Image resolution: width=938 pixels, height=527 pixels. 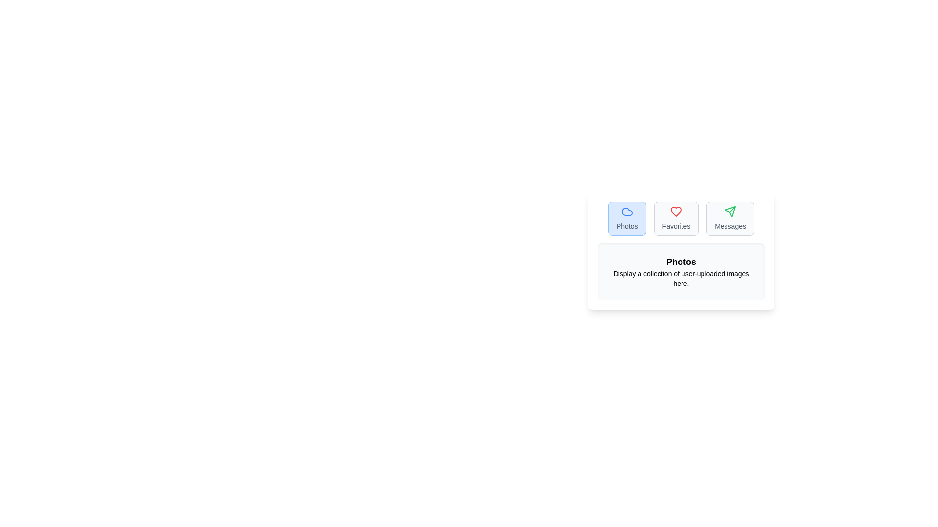 What do you see at coordinates (730, 226) in the screenshot?
I see `the 'Messages' text label, which is styled with a light gray color and positioned below the icon inside the 'Messages' button` at bounding box center [730, 226].